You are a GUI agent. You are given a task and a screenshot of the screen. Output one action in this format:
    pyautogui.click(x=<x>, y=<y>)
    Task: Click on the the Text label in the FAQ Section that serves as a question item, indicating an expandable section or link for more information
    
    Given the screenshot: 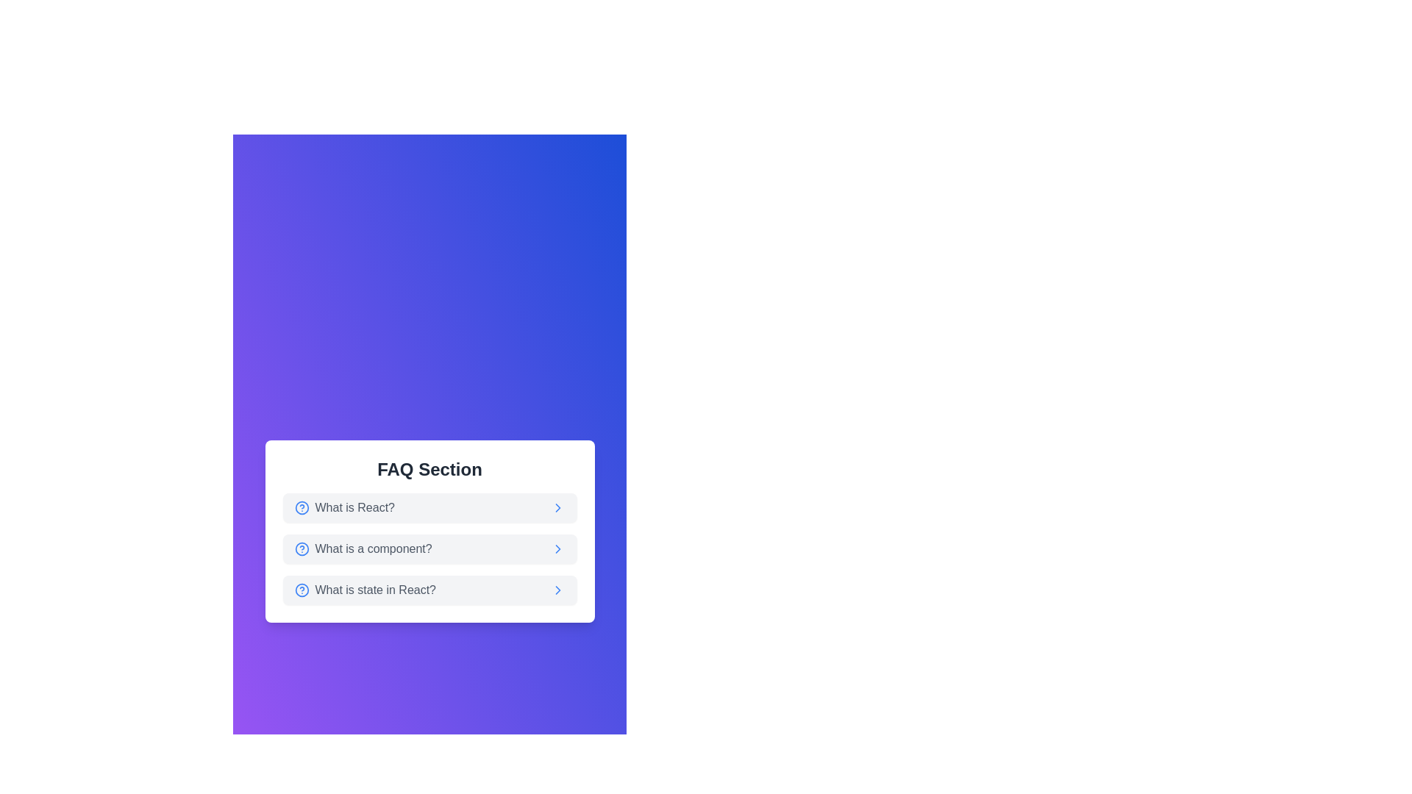 What is the action you would take?
    pyautogui.click(x=363, y=549)
    